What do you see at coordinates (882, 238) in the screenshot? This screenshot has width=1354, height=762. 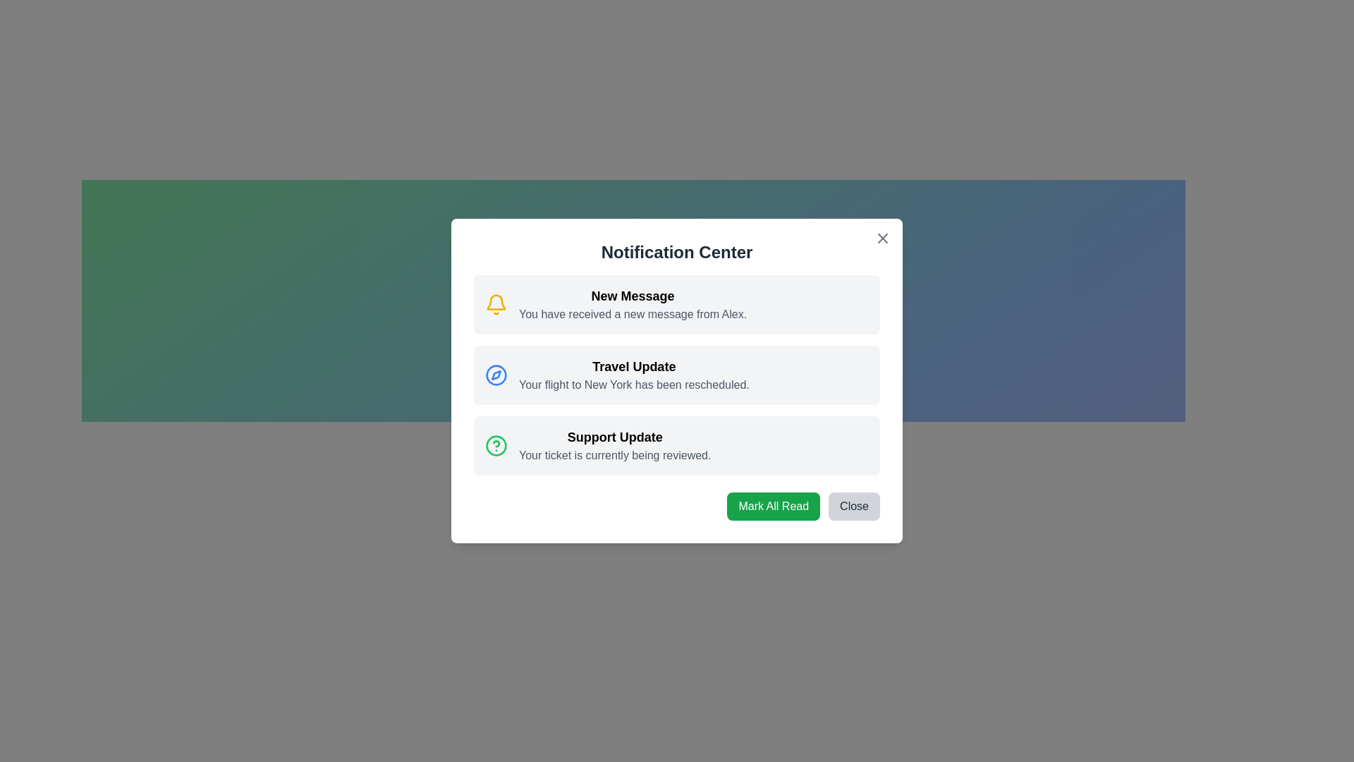 I see `the close icon button in the top-right corner of the 'Notification Center' modal to trigger visual feedback` at bounding box center [882, 238].